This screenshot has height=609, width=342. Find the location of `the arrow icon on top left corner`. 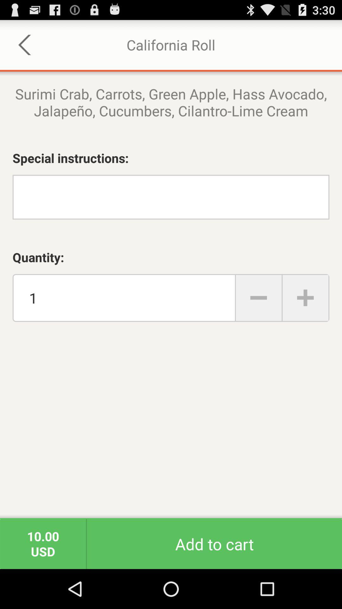

the arrow icon on top left corner is located at coordinates (24, 45).